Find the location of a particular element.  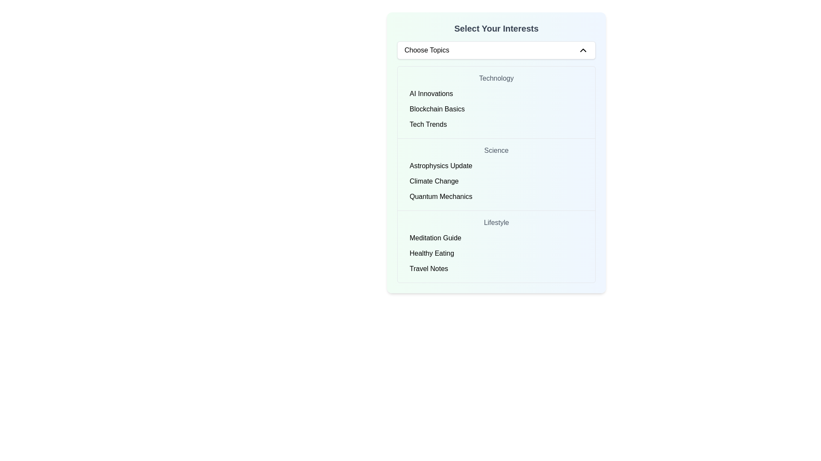

the 'AI Innovations' label in the 'Select Your Interests' menu, which is the first element in the Technology section is located at coordinates (431, 93).